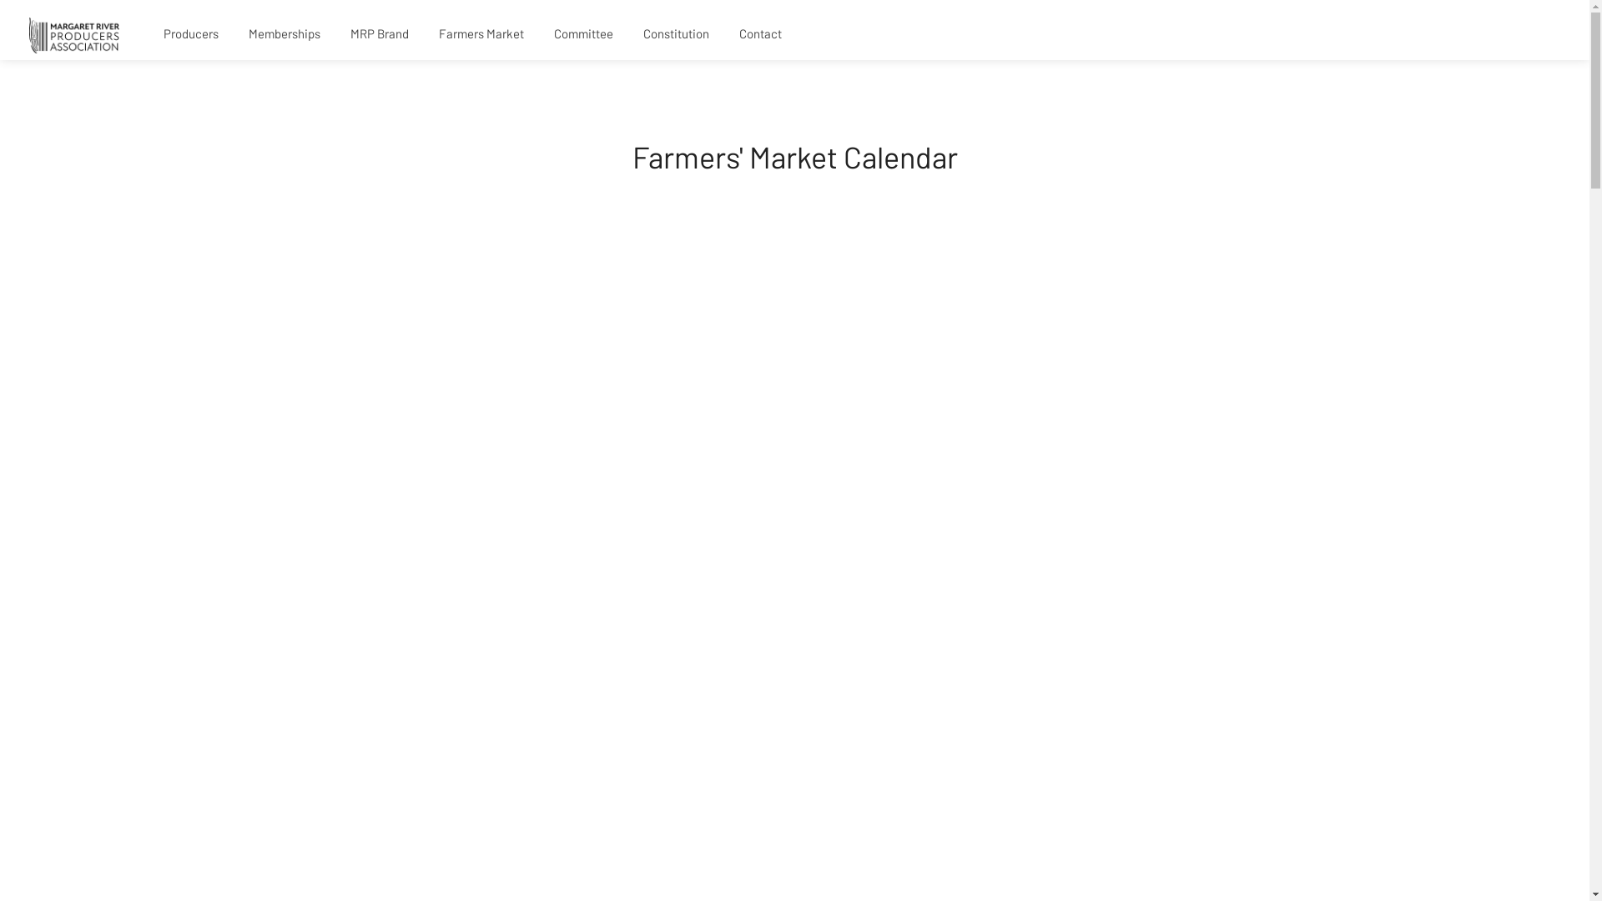 This screenshot has width=1602, height=901. Describe the element at coordinates (336, 34) in the screenshot. I see `'MRP Brand'` at that location.